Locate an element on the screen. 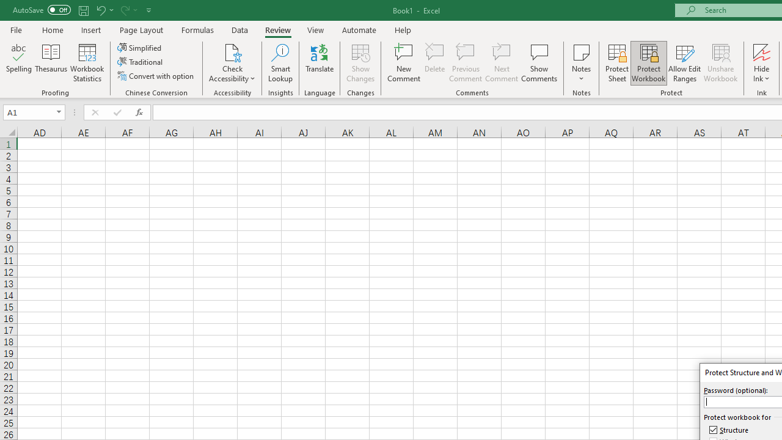 Image resolution: width=782 pixels, height=440 pixels. 'Protect Workbook...' is located at coordinates (648, 63).